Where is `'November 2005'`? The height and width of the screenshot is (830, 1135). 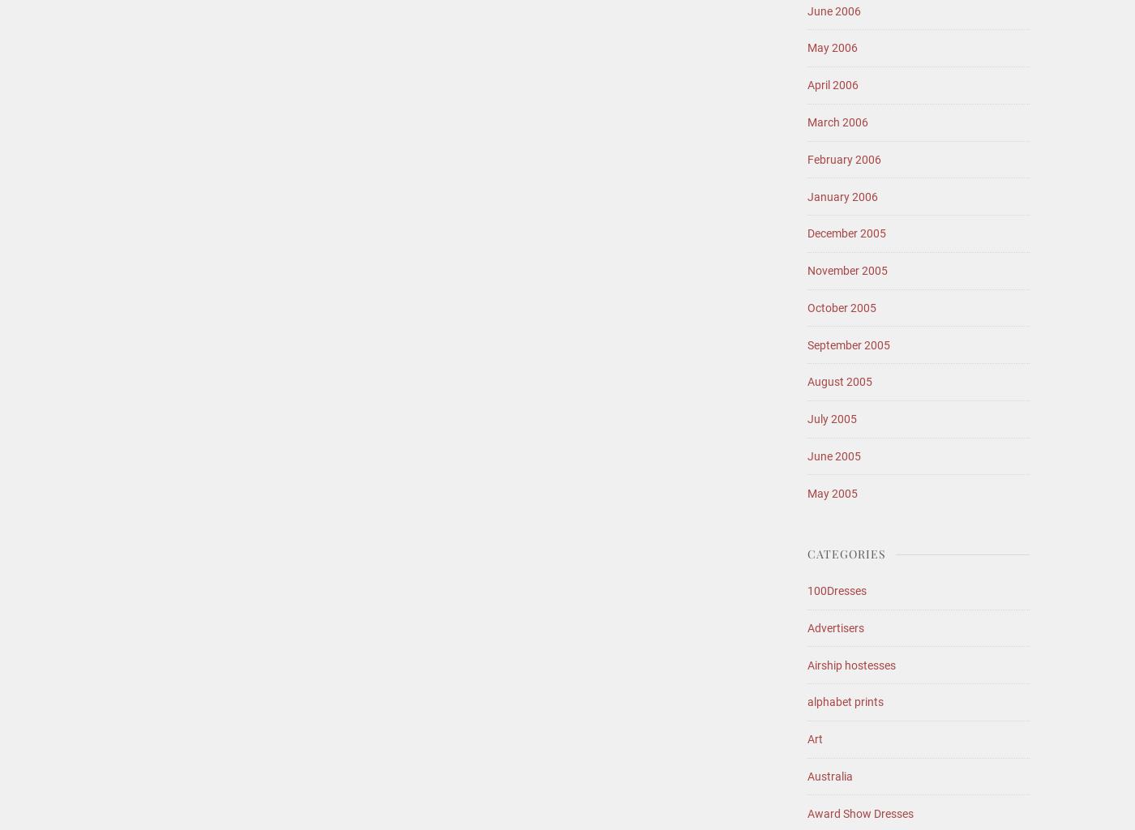
'November 2005' is located at coordinates (847, 270).